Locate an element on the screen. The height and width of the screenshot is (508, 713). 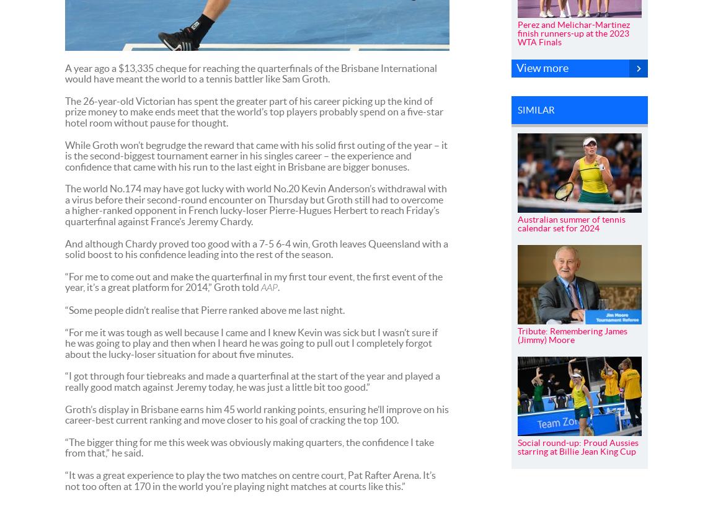
'“Some people didn’t realise that Pierre ranked above me last night.' is located at coordinates (64, 309).